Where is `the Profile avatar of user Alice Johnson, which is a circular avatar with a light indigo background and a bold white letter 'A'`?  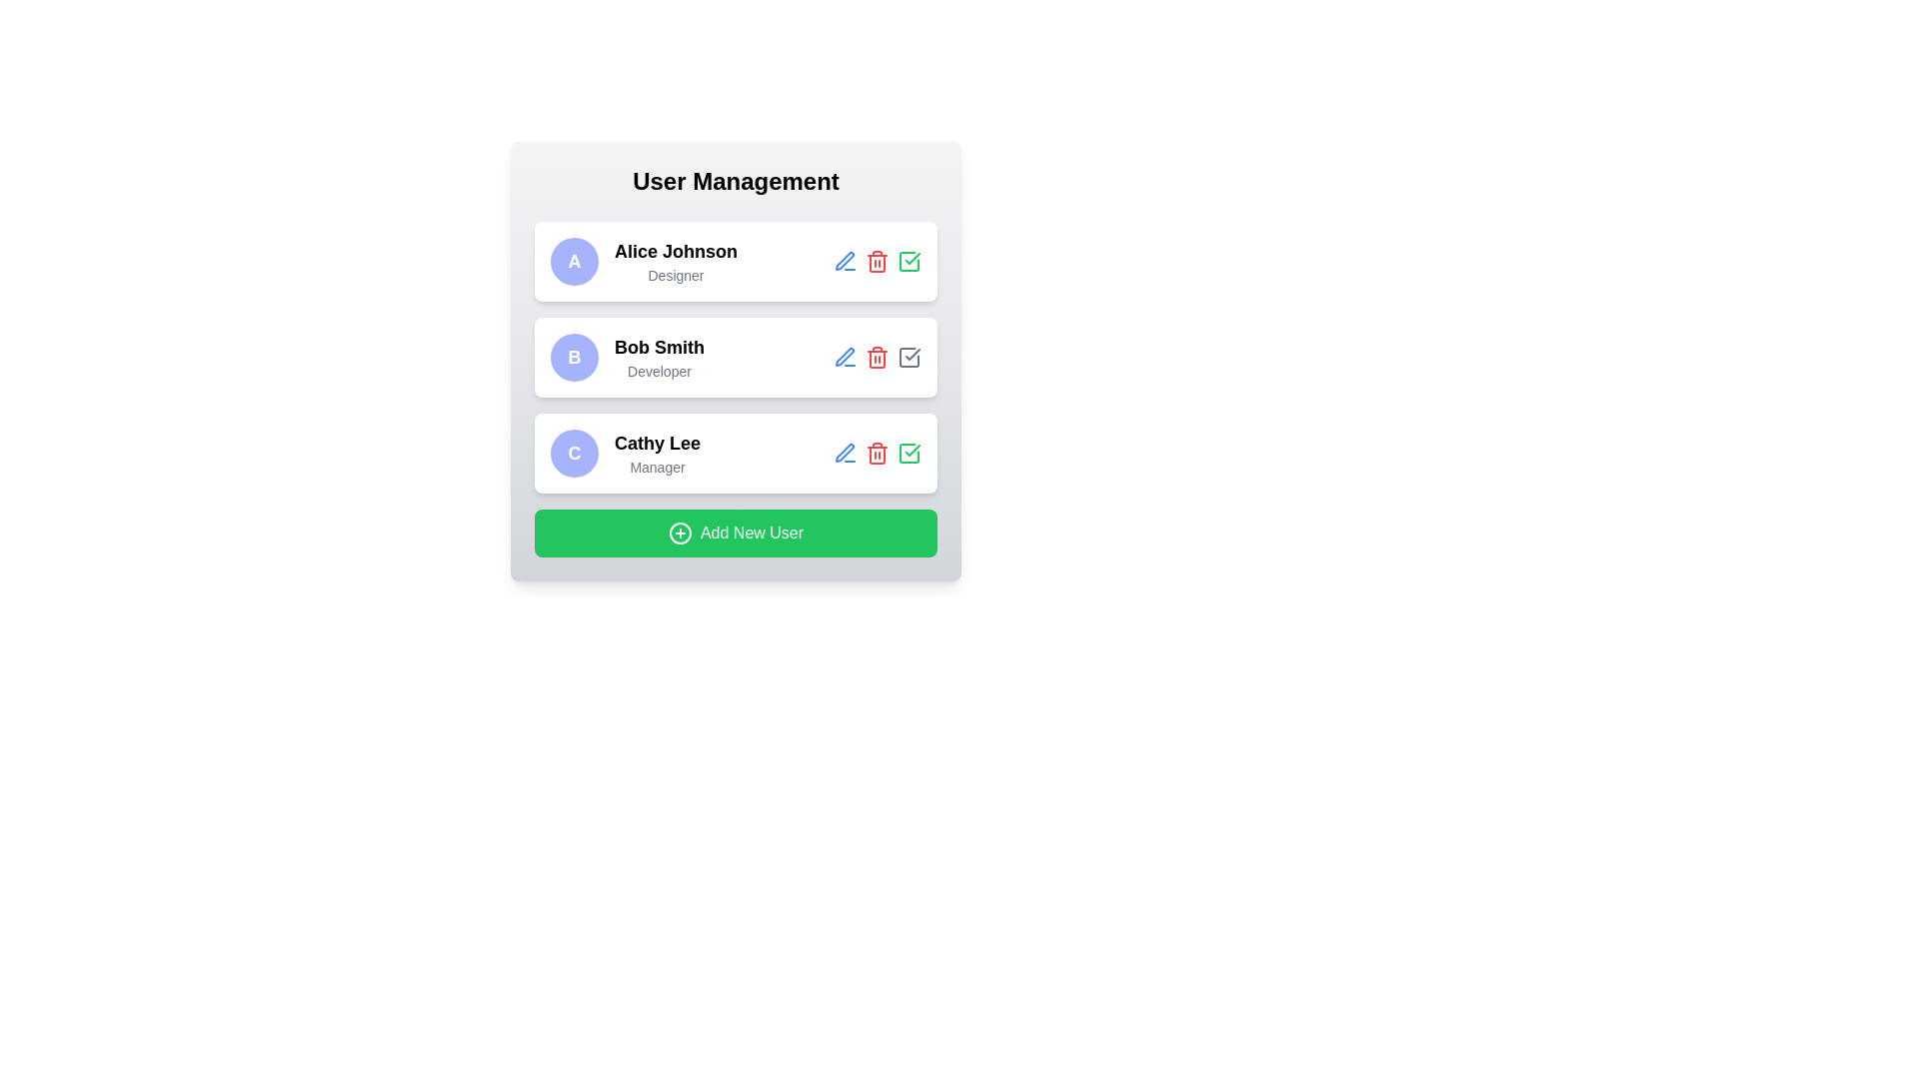
the Profile avatar of user Alice Johnson, which is a circular avatar with a light indigo background and a bold white letter 'A' is located at coordinates (574, 261).